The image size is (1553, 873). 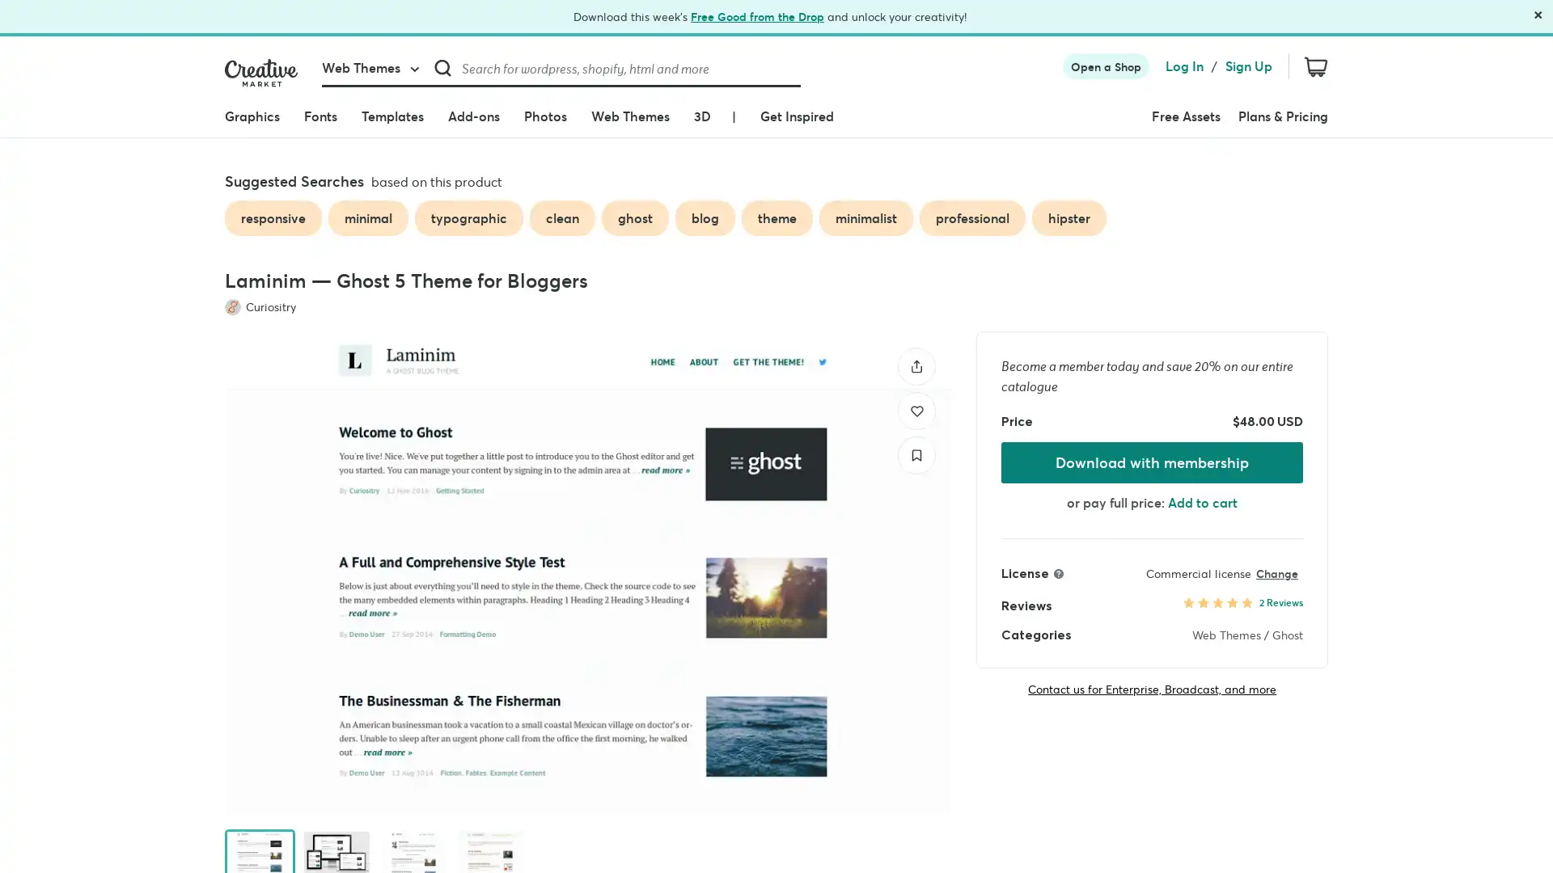 What do you see at coordinates (916, 409) in the screenshot?
I see `Like` at bounding box center [916, 409].